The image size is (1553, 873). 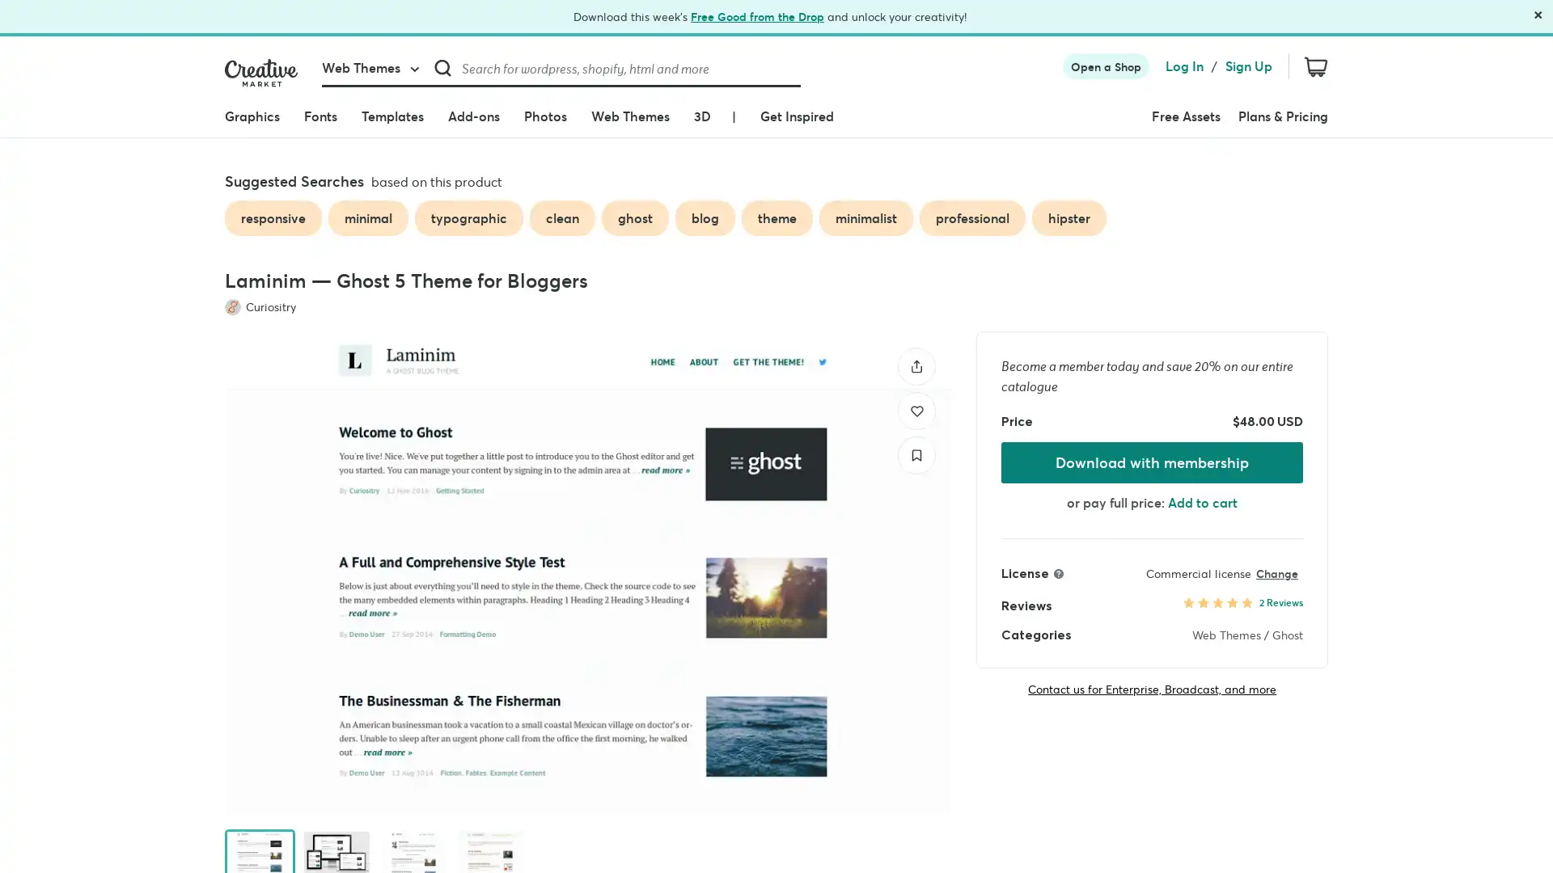 What do you see at coordinates (916, 409) in the screenshot?
I see `Like` at bounding box center [916, 409].